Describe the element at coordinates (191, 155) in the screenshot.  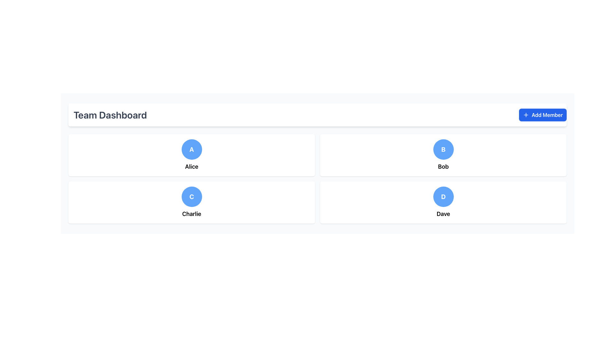
I see `the profile card for 'Alice' located in the top-left quadrant of the grid layout` at that location.